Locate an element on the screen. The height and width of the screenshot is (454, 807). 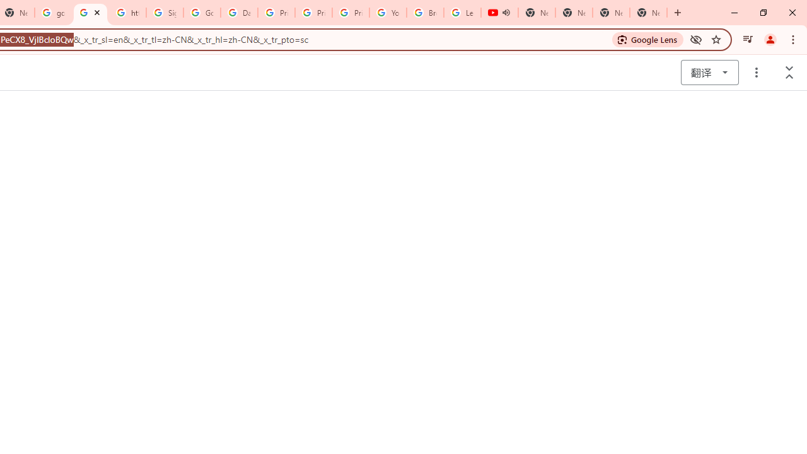
'Sign in - Google Accounts' is located at coordinates (164, 13).